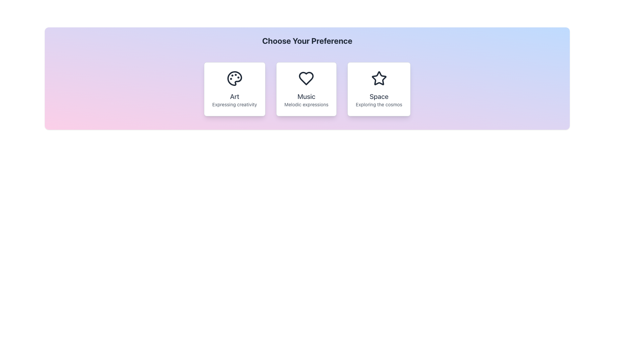 The image size is (642, 361). Describe the element at coordinates (307, 41) in the screenshot. I see `the centrally positioned text label that introduces the user to the selection process, located at the top above the preference options` at that location.